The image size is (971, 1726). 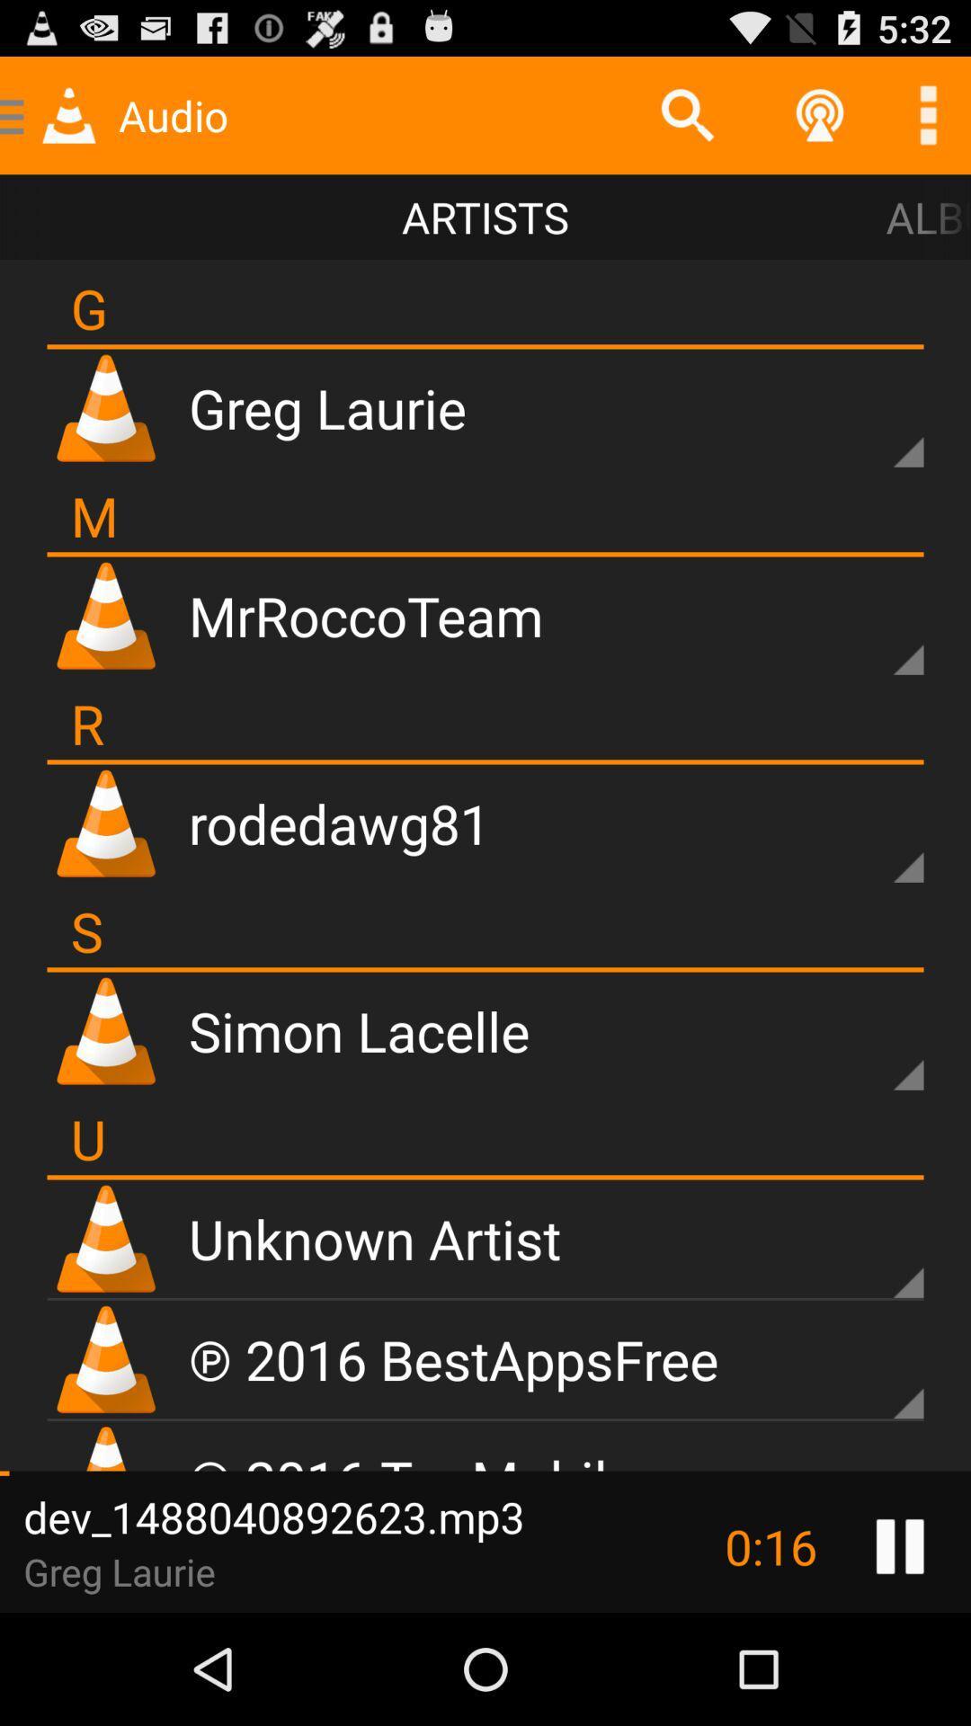 What do you see at coordinates (900, 1654) in the screenshot?
I see `the pause icon` at bounding box center [900, 1654].